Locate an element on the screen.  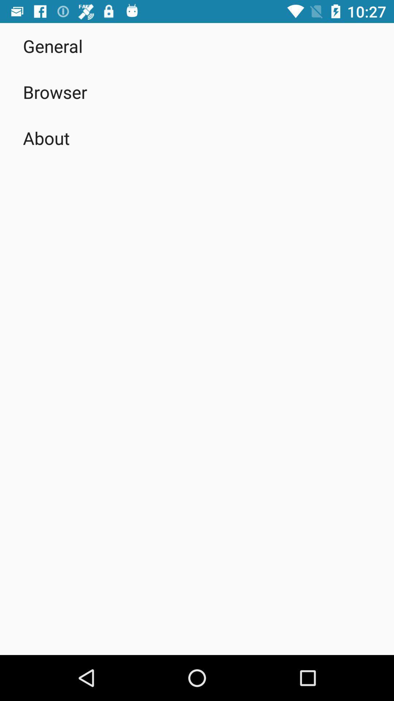
the item below general item is located at coordinates (55, 92).